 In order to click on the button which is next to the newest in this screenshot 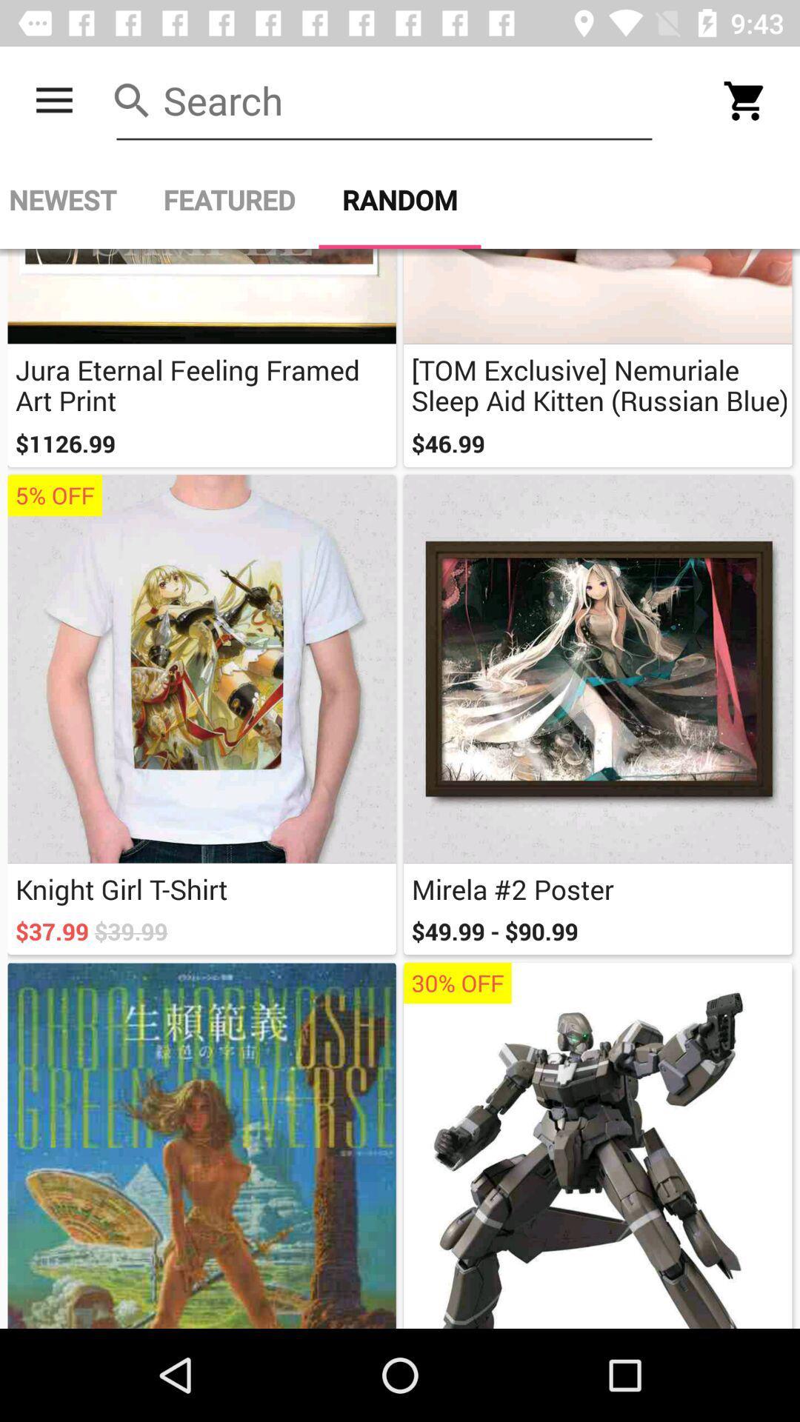, I will do `click(229, 199)`.